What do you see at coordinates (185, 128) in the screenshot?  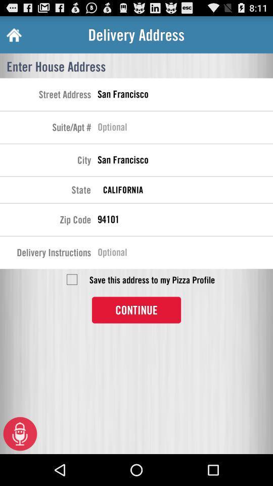 I see `suite or apartment number` at bounding box center [185, 128].